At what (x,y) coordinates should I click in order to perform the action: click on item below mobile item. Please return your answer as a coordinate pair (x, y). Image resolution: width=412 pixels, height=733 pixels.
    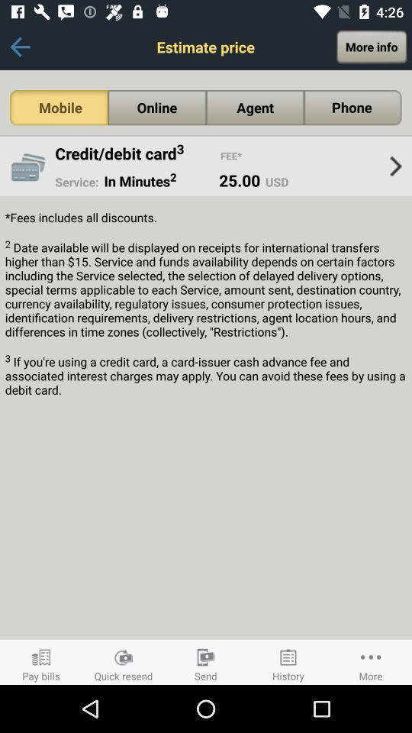
    Looking at the image, I should click on (27, 166).